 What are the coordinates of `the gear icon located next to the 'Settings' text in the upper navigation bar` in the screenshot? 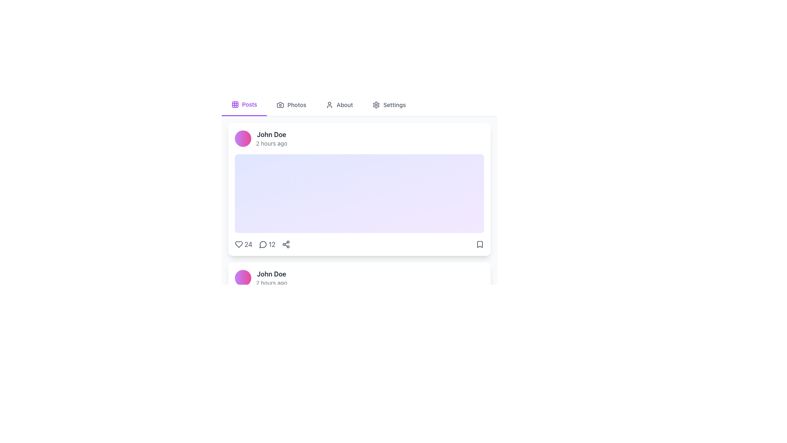 It's located at (376, 104).